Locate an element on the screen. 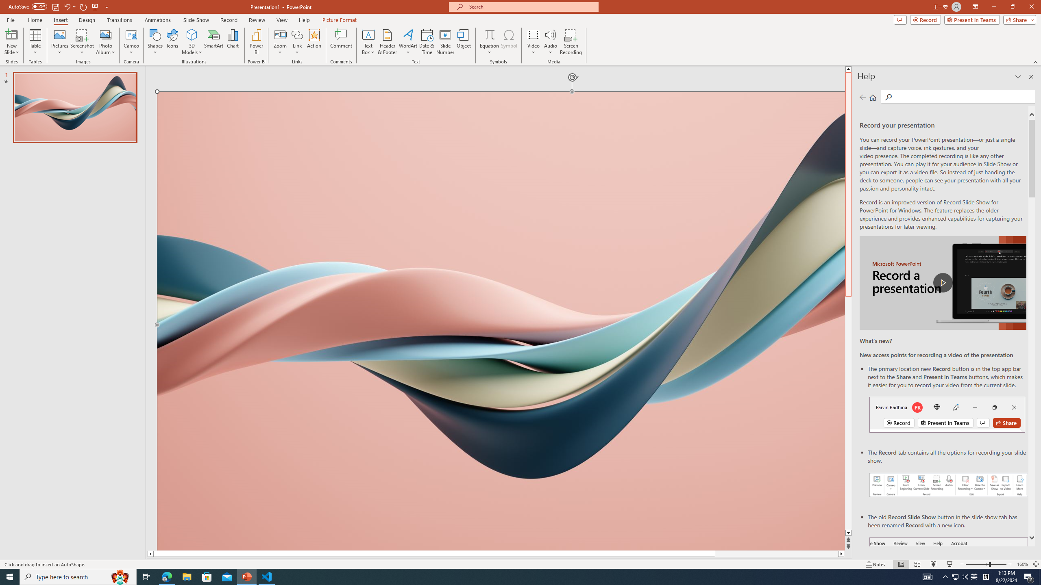 The width and height of the screenshot is (1041, 585). 'Slide Number' is located at coordinates (445, 42).